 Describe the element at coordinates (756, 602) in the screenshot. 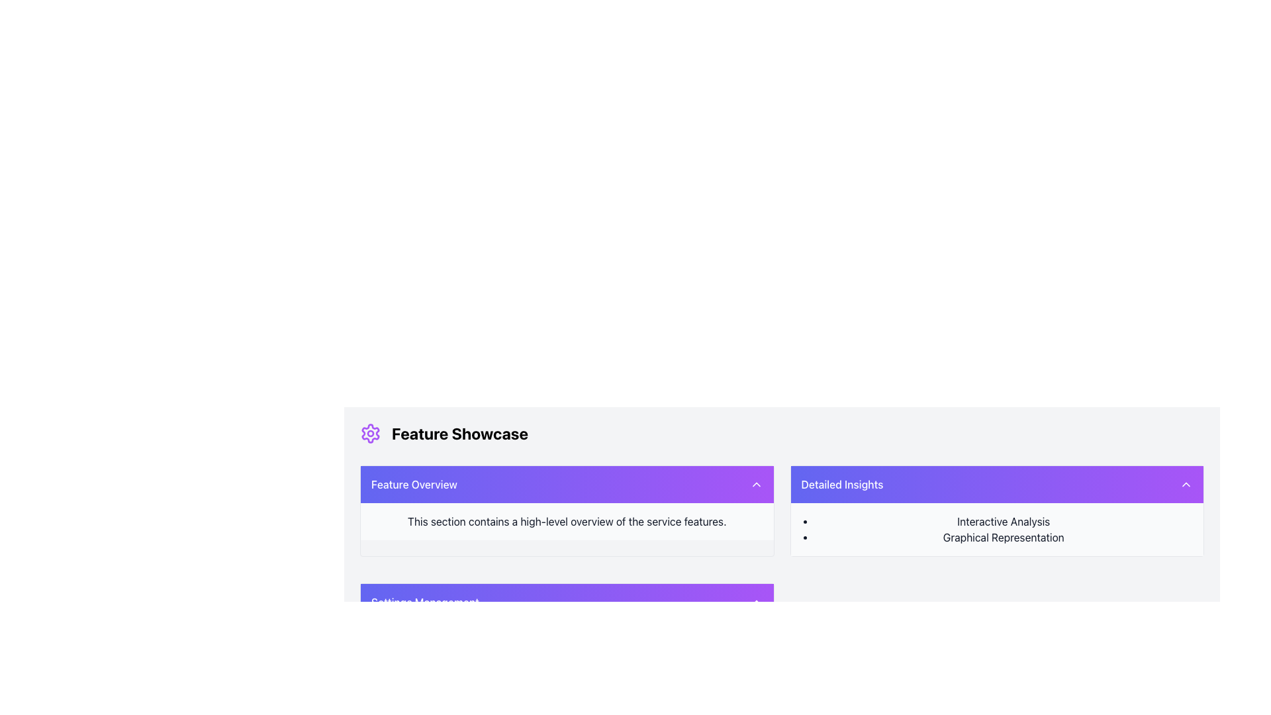

I see `the expandable icon located at the far right of the 'Settings Management' section header` at that location.